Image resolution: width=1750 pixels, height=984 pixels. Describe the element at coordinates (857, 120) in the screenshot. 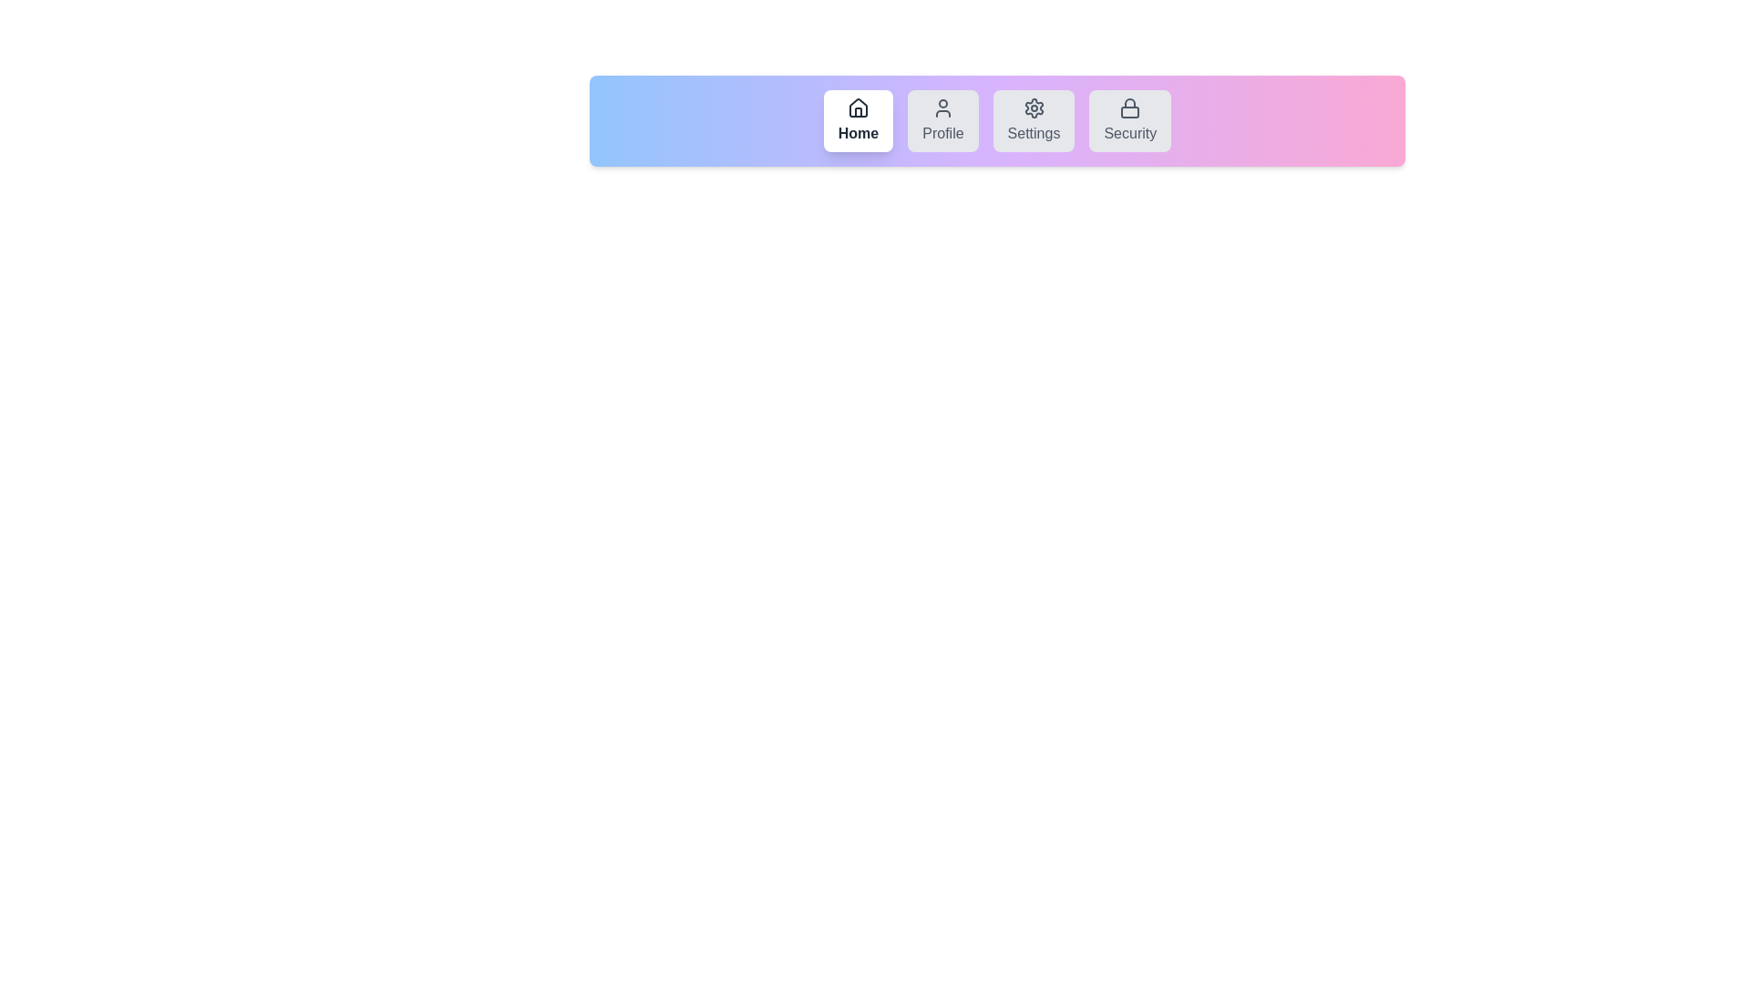

I see `the tab labeled Home by clicking on it` at that location.